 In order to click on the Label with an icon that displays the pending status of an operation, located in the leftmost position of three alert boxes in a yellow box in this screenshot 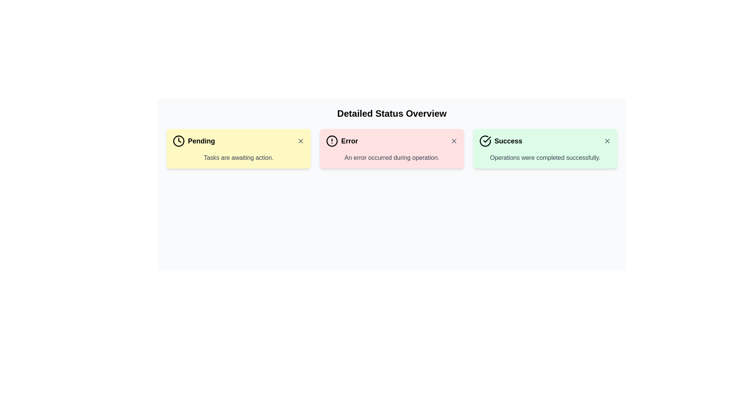, I will do `click(194, 141)`.